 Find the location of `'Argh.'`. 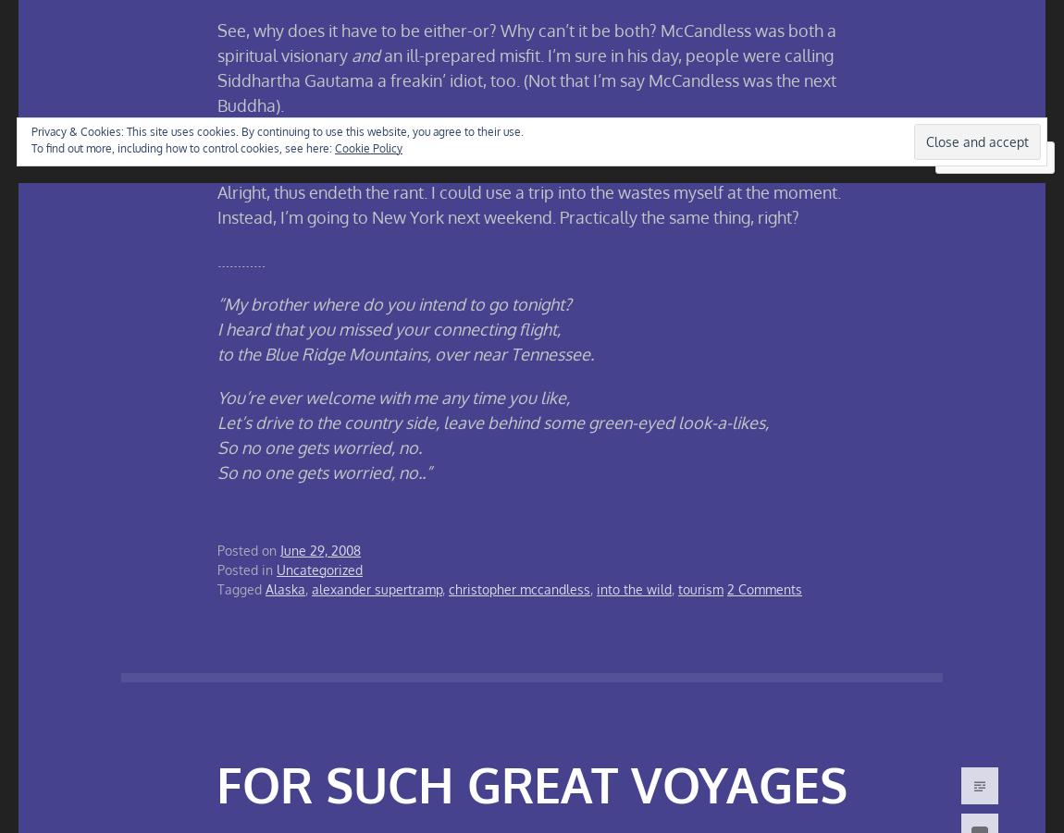

'Argh.' is located at coordinates (235, 148).